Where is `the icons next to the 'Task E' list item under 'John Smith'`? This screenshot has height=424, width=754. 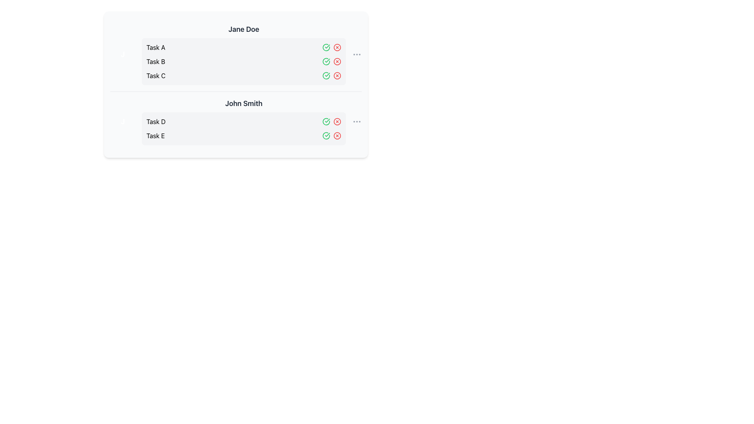
the icons next to the 'Task E' list item under 'John Smith' is located at coordinates (243, 135).